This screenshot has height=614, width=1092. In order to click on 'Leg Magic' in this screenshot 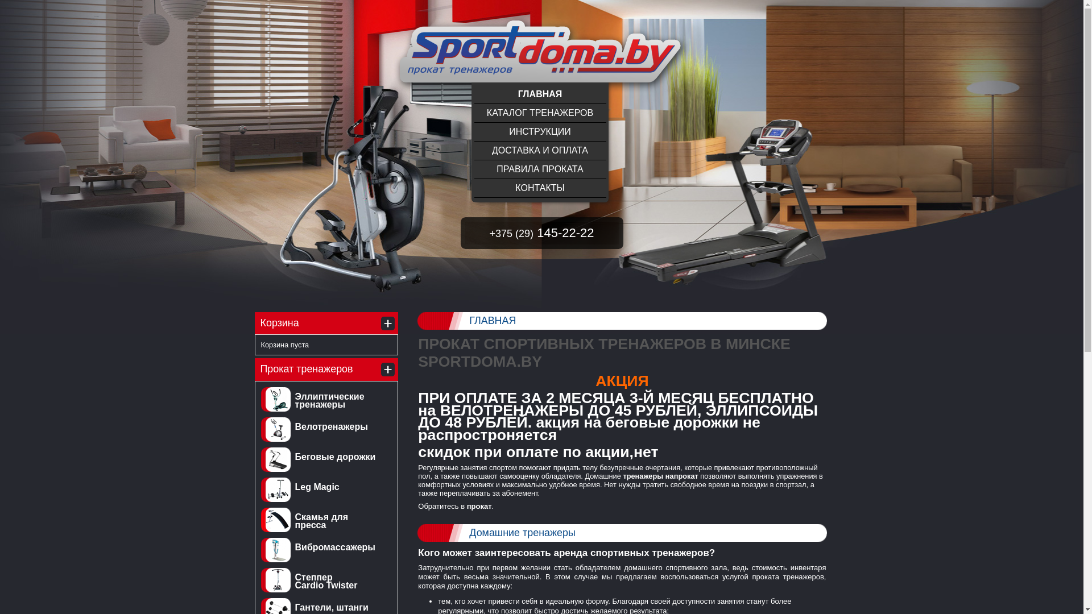, I will do `click(316, 486)`.